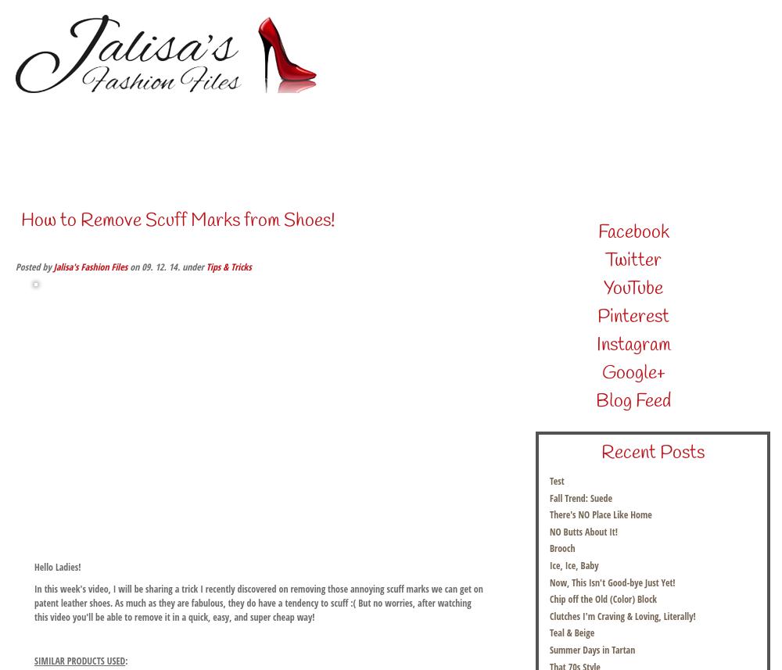  What do you see at coordinates (580, 497) in the screenshot?
I see `'Fall Trend: Suede'` at bounding box center [580, 497].